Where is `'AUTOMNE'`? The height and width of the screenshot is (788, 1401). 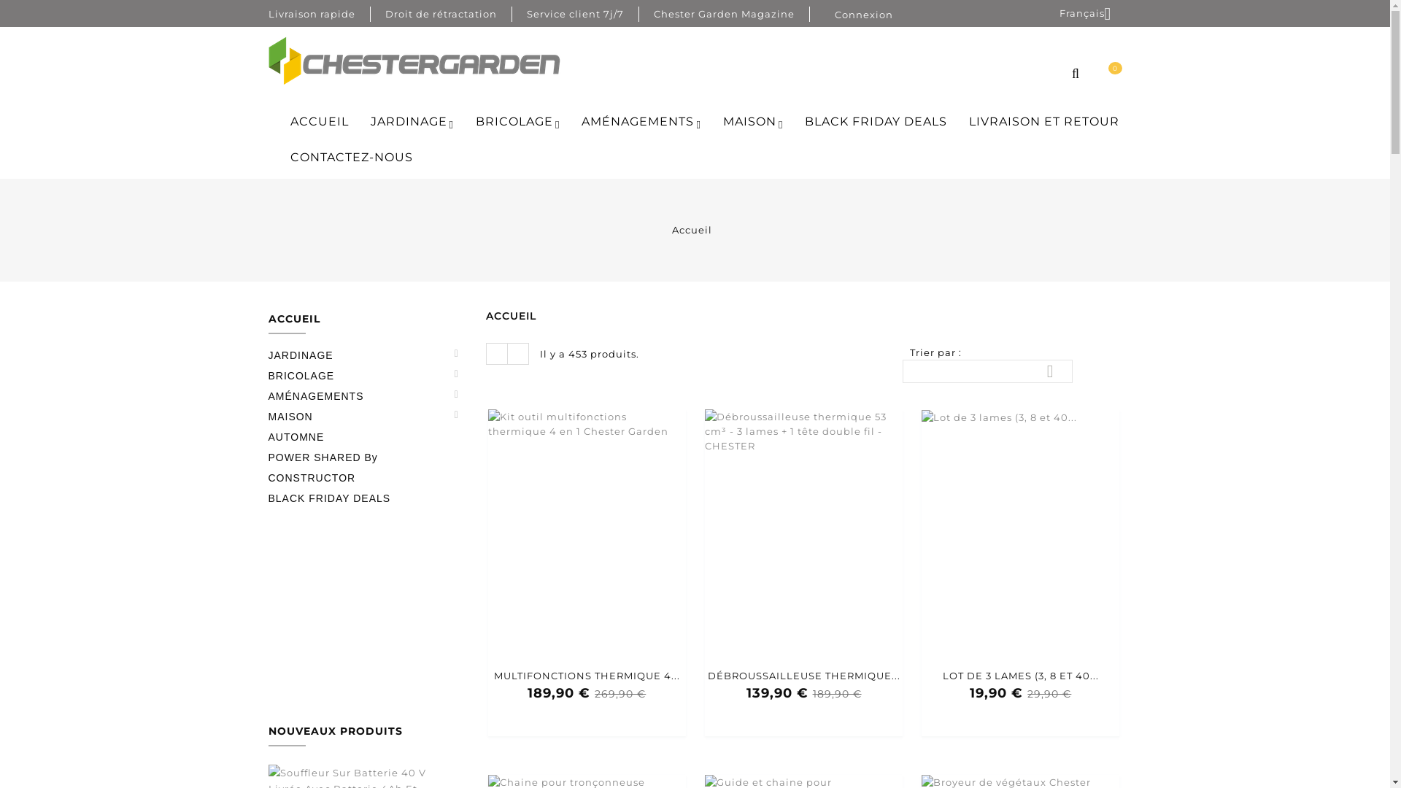 'AUTOMNE' is located at coordinates (269, 436).